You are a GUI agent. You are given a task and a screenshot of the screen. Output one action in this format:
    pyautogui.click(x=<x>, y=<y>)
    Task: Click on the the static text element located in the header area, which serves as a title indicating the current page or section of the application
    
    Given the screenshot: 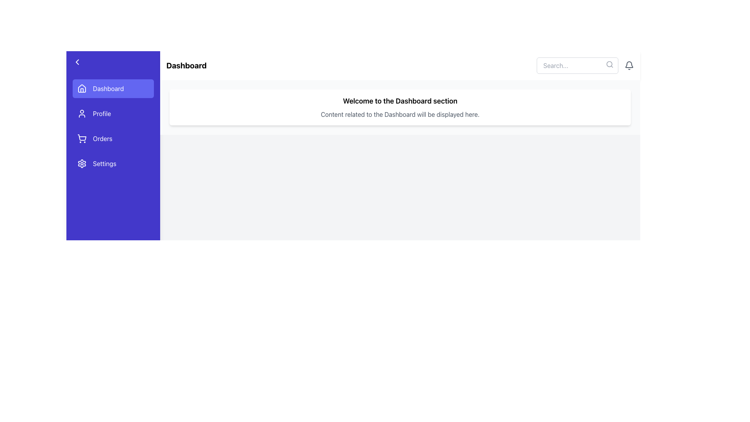 What is the action you would take?
    pyautogui.click(x=186, y=65)
    